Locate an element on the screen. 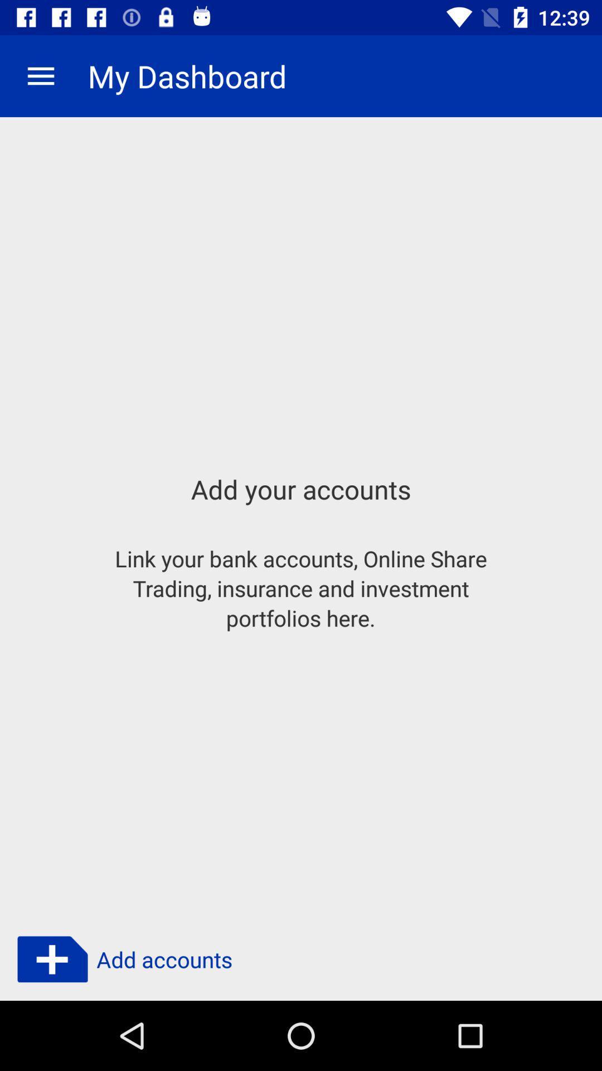 The image size is (602, 1071). the add icon is located at coordinates (52, 959).